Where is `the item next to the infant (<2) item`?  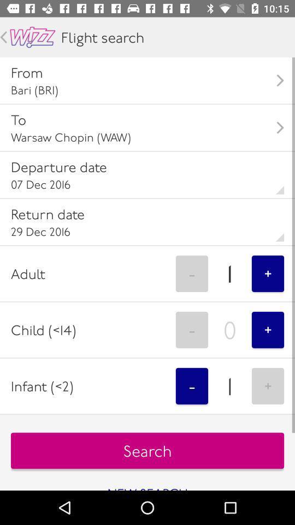 the item next to the infant (<2) item is located at coordinates (191, 386).